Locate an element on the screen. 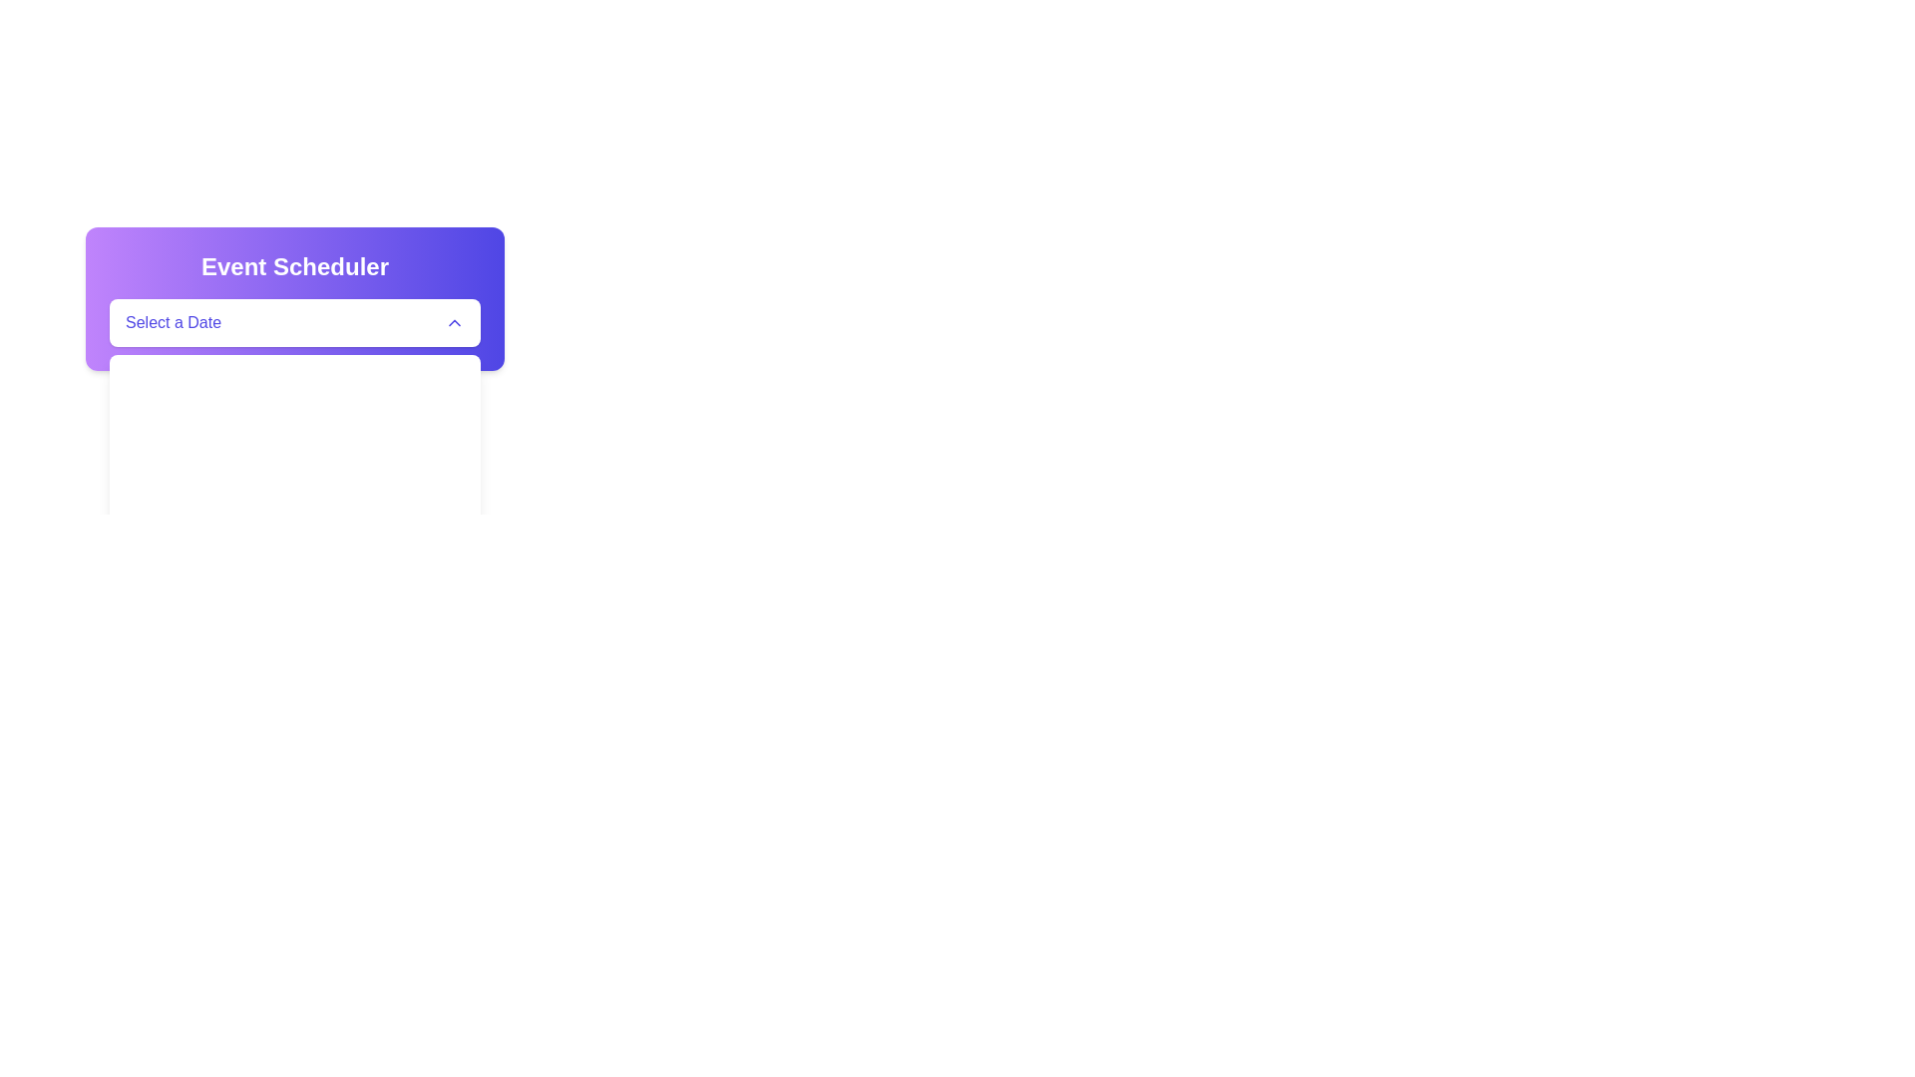 This screenshot has height=1077, width=1915. the dropdown selection box of the 'Event Scheduler' composite UI component is located at coordinates (294, 299).